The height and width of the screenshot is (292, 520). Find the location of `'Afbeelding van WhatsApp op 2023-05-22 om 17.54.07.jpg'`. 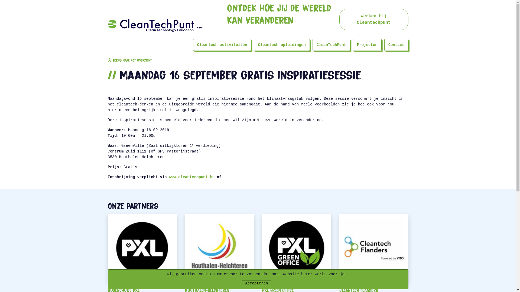

'Afbeelding van WhatsApp op 2023-05-22 om 17.54.07.jpg' is located at coordinates (262, 248).